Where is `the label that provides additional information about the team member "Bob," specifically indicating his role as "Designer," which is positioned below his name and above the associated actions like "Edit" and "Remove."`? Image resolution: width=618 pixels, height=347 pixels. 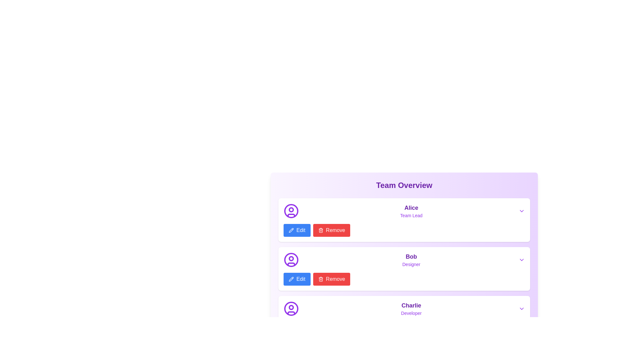 the label that provides additional information about the team member "Bob," specifically indicating his role as "Designer," which is positioned below his name and above the associated actions like "Edit" and "Remove." is located at coordinates (411, 264).